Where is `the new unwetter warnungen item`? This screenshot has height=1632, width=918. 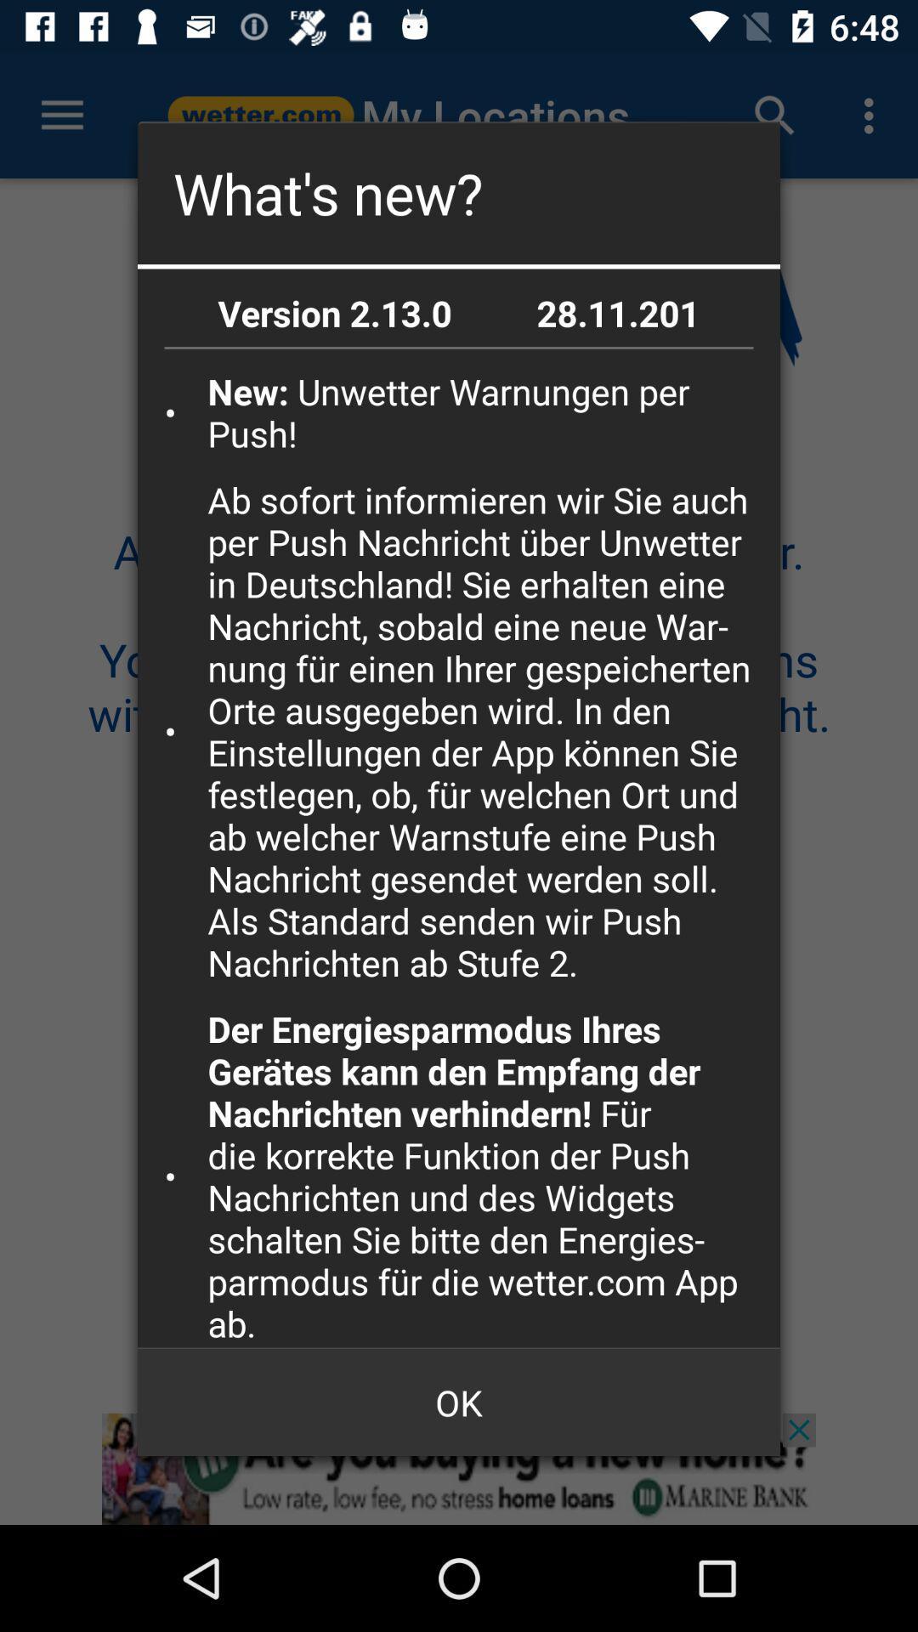
the new unwetter warnungen item is located at coordinates (488, 412).